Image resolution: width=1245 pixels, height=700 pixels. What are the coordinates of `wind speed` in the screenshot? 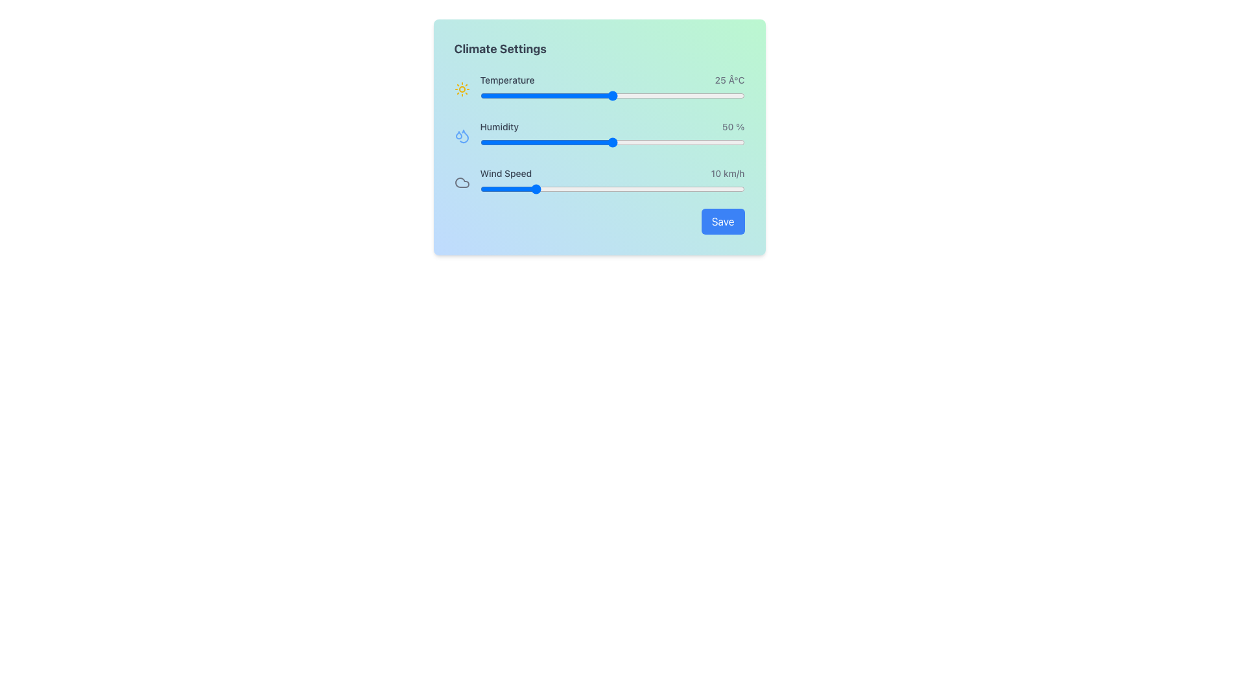 It's located at (501, 189).